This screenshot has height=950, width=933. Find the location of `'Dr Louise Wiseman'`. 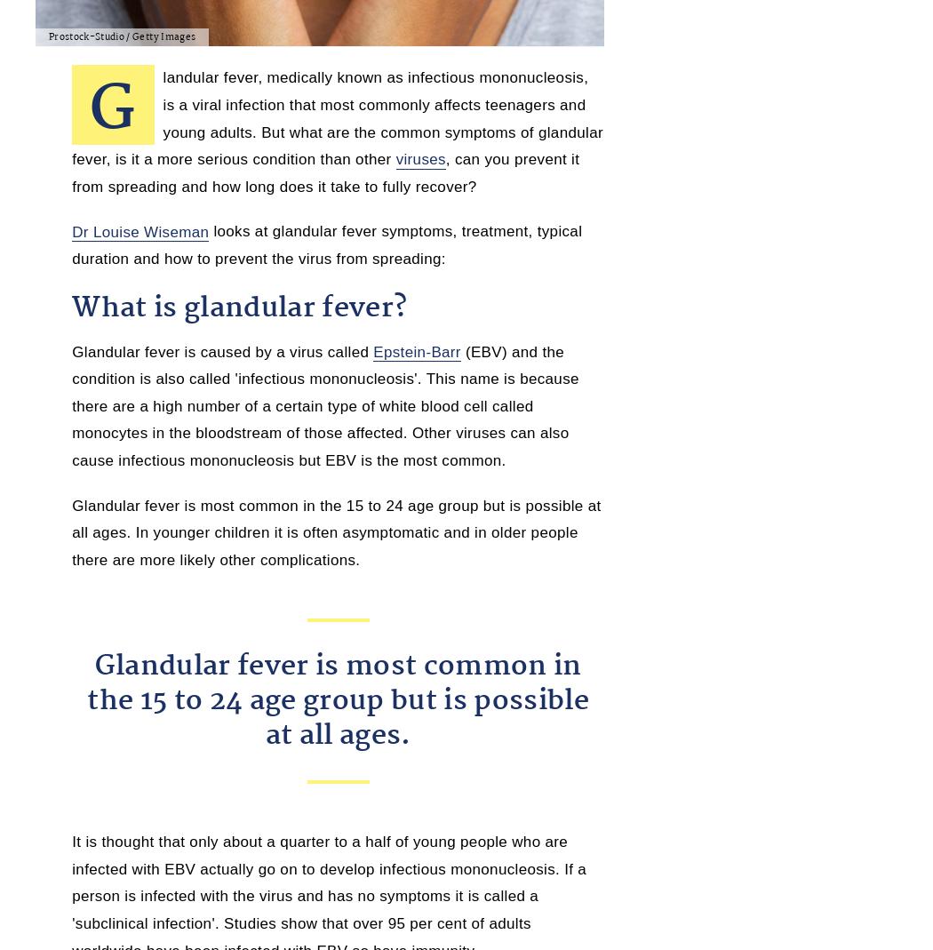

'Dr Louise Wiseman' is located at coordinates (140, 230).